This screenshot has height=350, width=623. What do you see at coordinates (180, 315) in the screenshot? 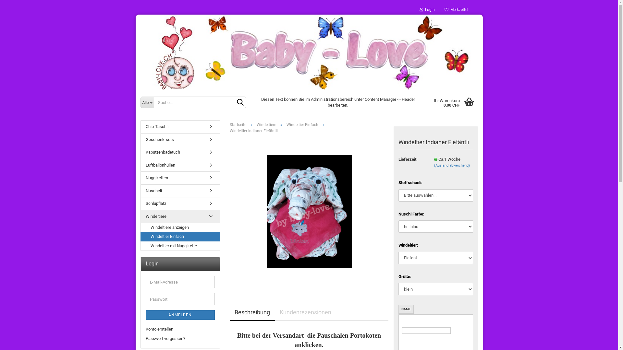
I see `'ANMELDEN'` at bounding box center [180, 315].